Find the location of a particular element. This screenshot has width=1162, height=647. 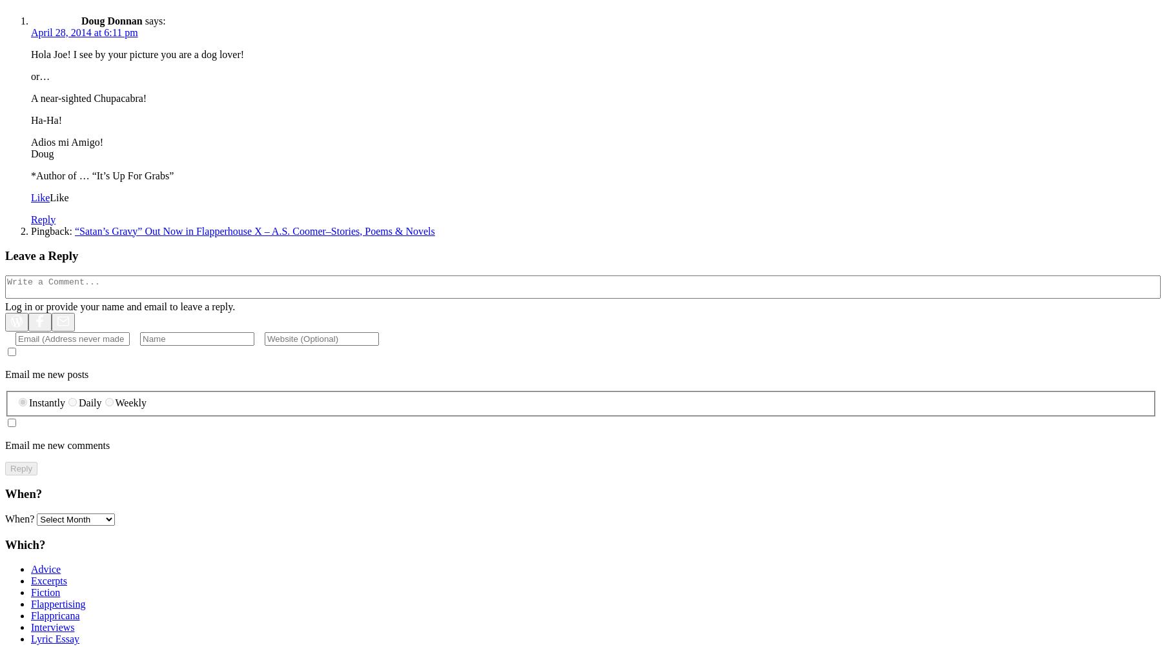

'Hola Joe! I see by your picture you are a dog lover!' is located at coordinates (137, 54).